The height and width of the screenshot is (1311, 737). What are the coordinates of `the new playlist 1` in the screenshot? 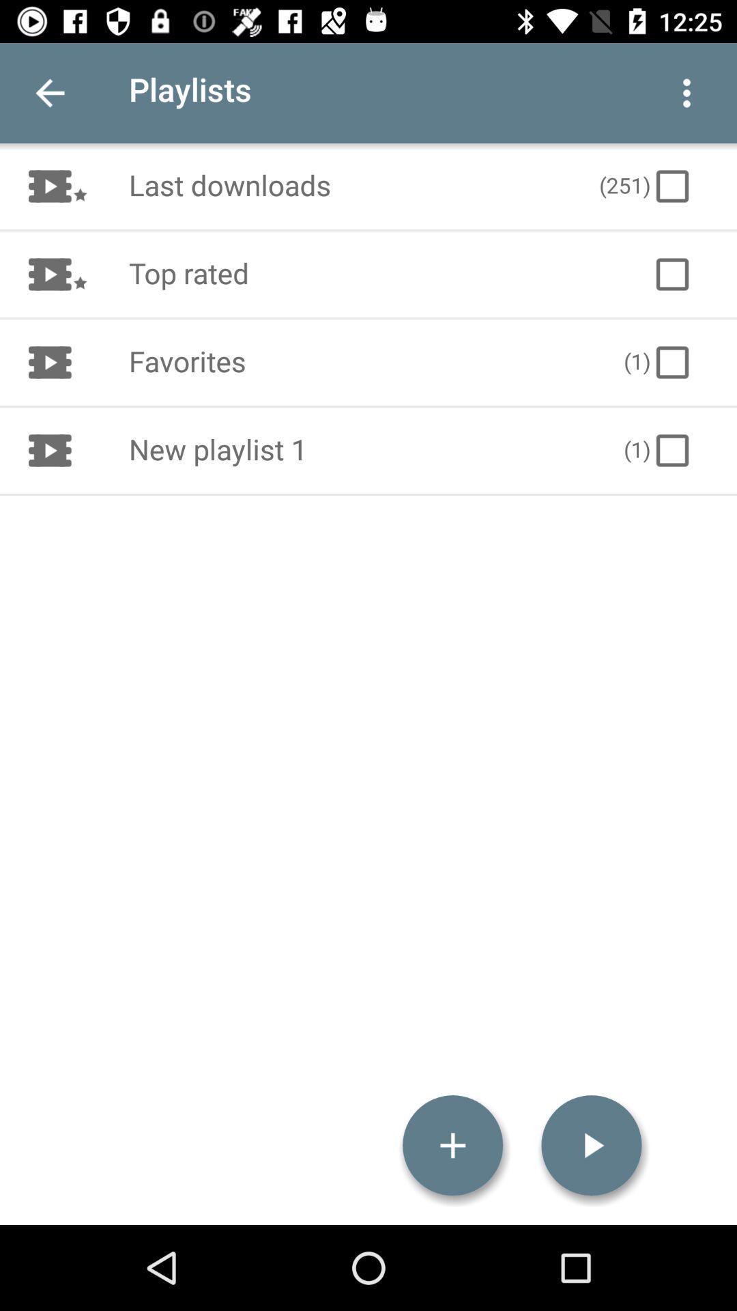 It's located at (361, 451).